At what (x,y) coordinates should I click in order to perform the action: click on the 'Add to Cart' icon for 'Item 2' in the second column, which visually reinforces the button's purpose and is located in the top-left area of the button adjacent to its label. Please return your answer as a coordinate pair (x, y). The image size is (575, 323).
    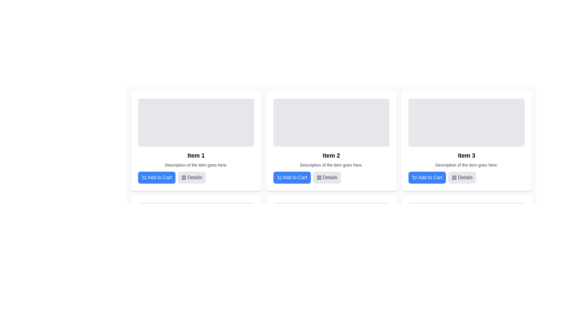
    Looking at the image, I should click on (279, 177).